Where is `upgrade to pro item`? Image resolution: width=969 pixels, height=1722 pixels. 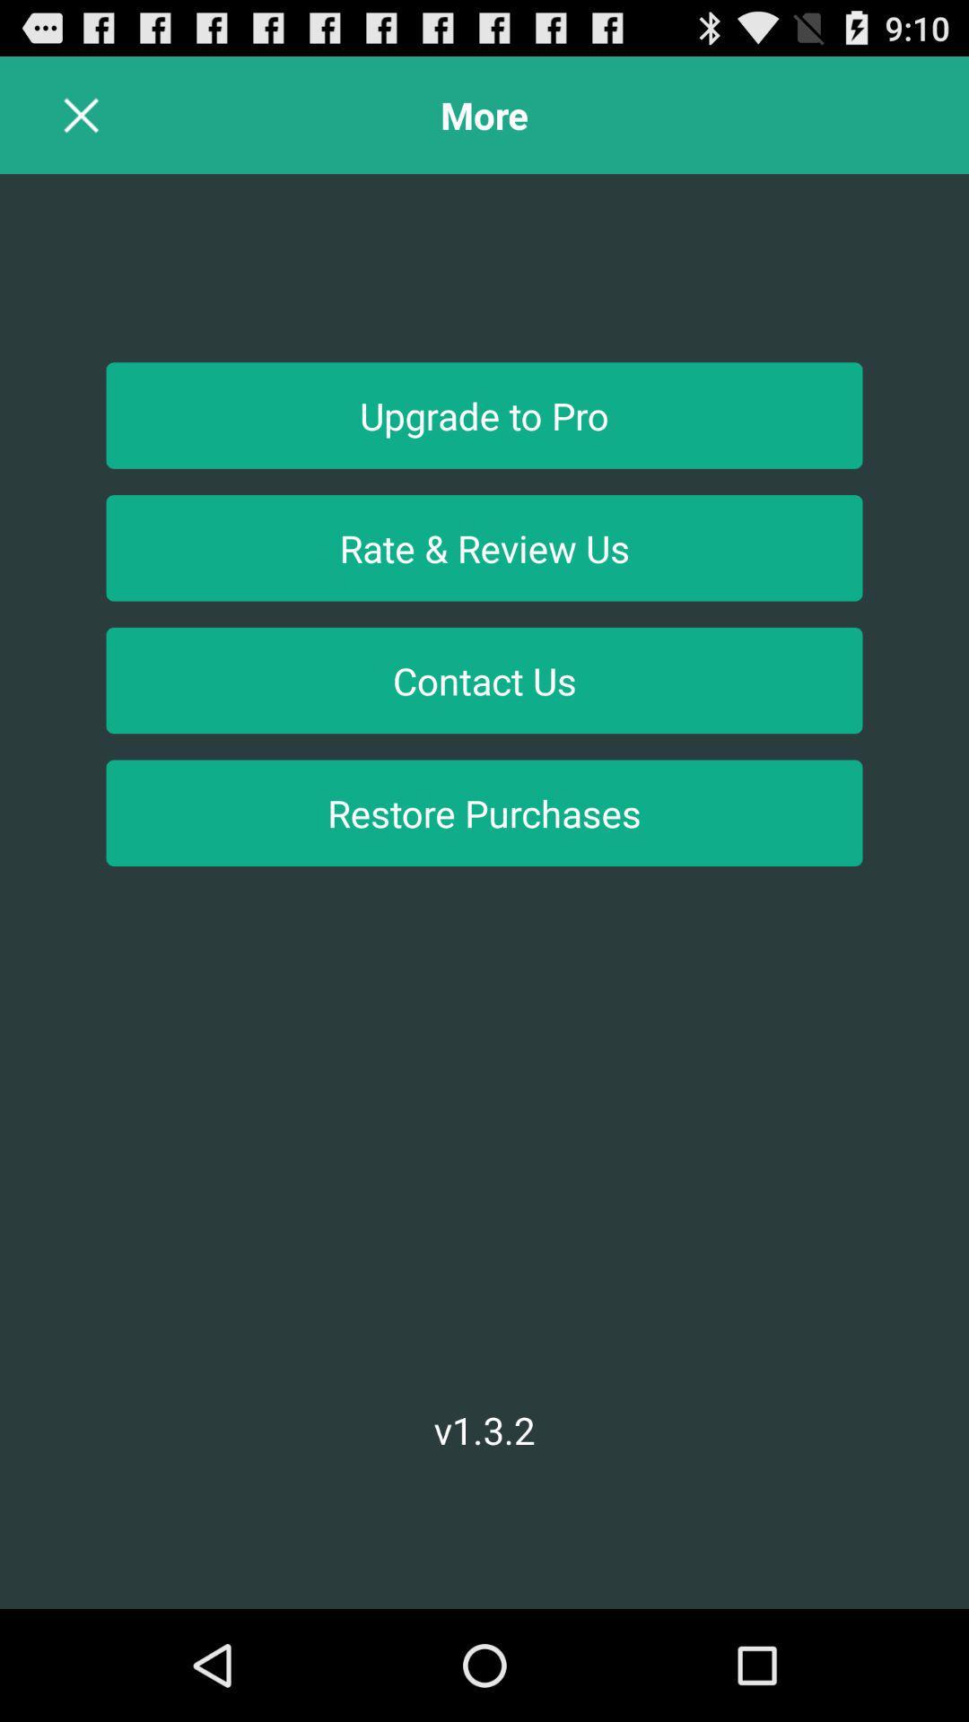 upgrade to pro item is located at coordinates (484, 414).